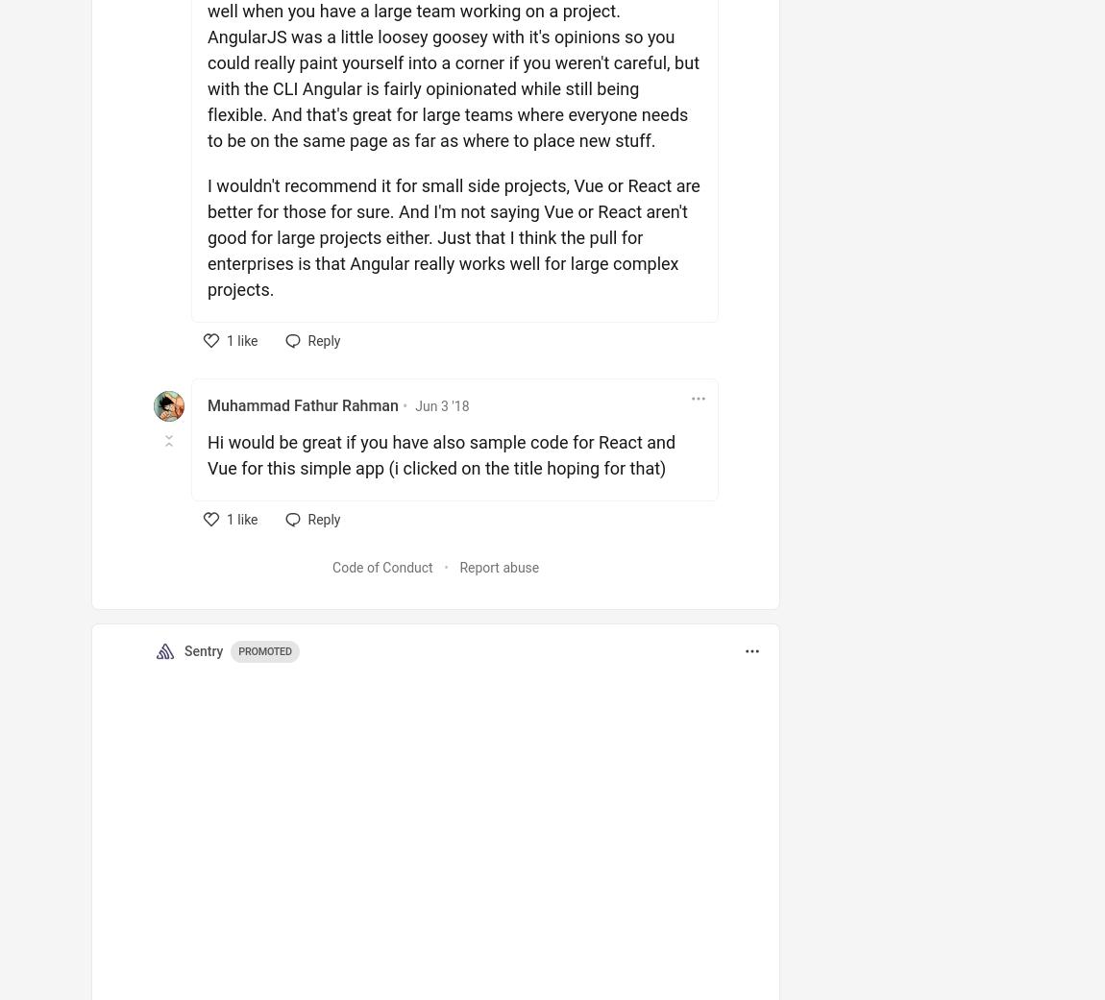 The width and height of the screenshot is (1105, 1000). I want to click on 'Muhammad Fathur Rahman', so click(206, 404).